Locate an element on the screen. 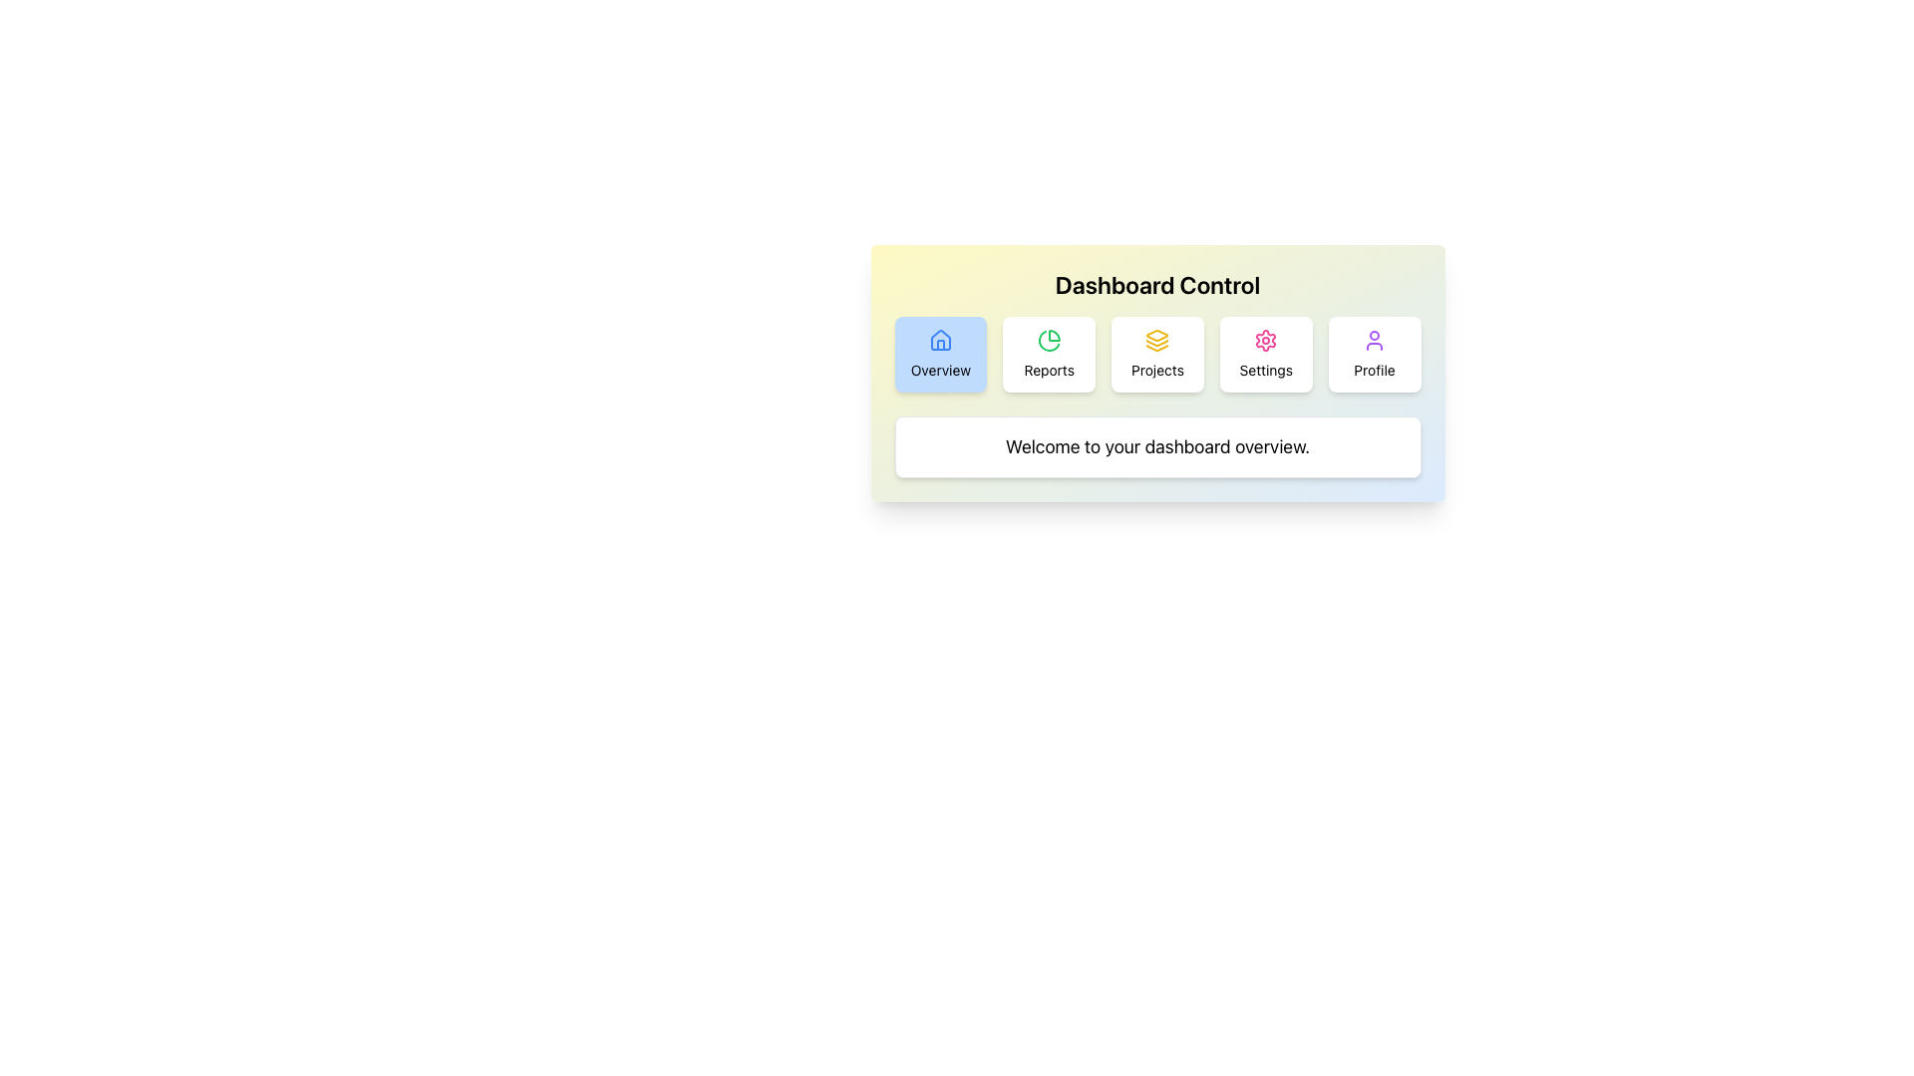 The width and height of the screenshot is (1914, 1076). the navigation button for 'Projects' located in the dashboard panel, positioned between the 'Reports' and 'Settings' buttons is located at coordinates (1157, 353).